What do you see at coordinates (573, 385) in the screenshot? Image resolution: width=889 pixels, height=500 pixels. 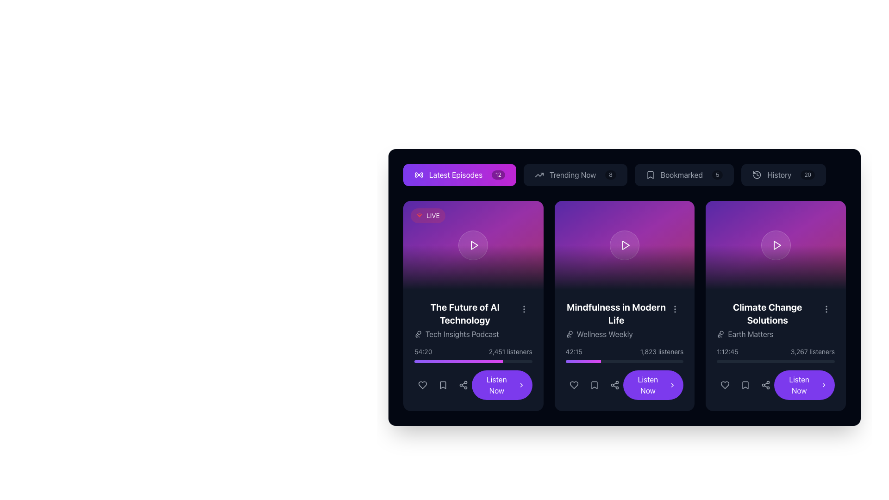 I see `the heart-shaped icon with a gray outline located at the bottom of the second podcast card, slightly to the left of the 'Listen Now' button` at bounding box center [573, 385].